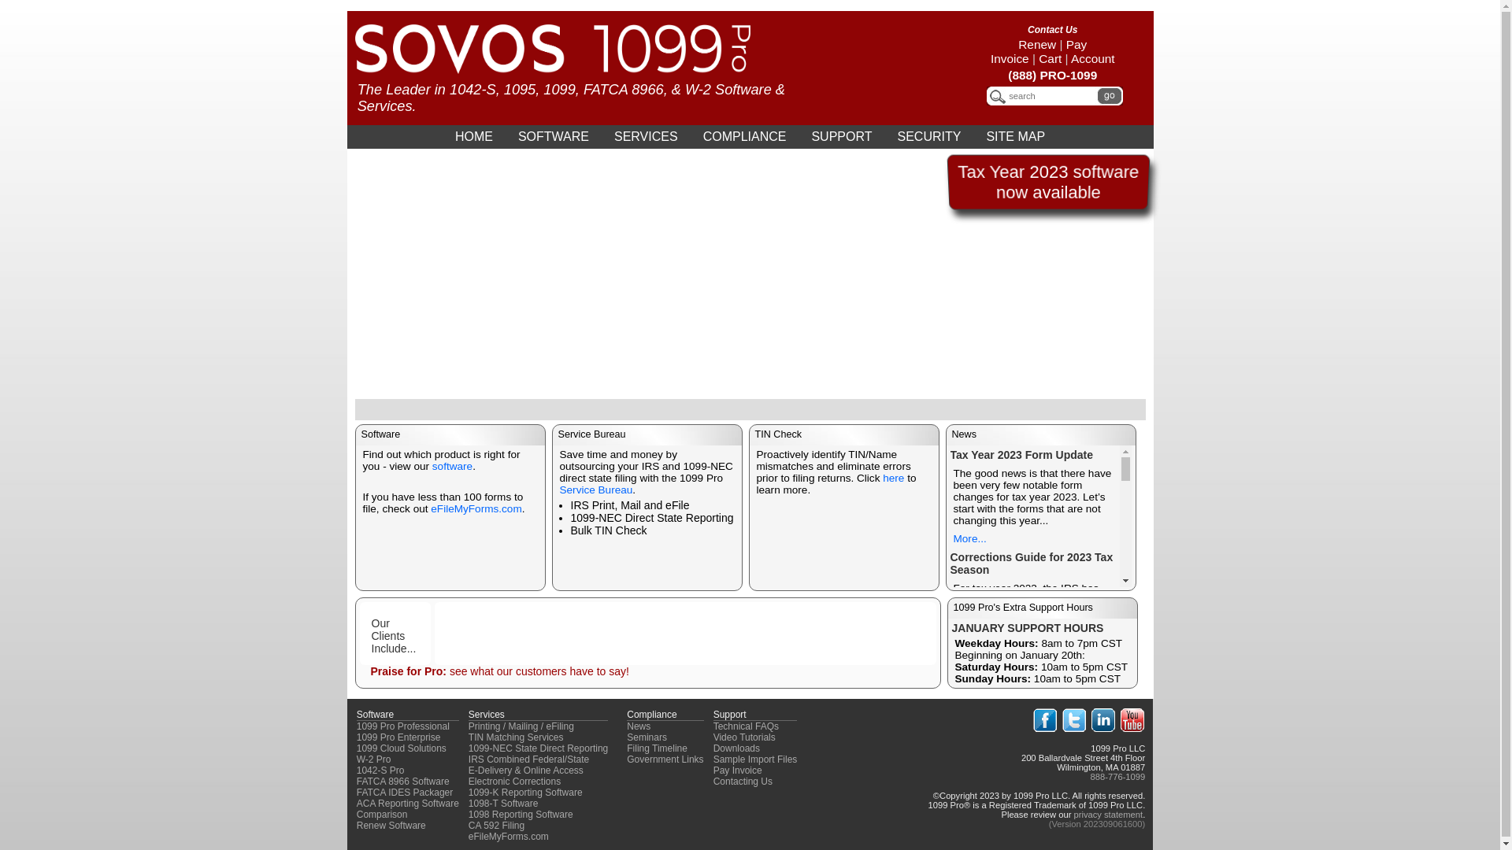 This screenshot has height=850, width=1512. I want to click on 'Compliance', so click(651, 714).